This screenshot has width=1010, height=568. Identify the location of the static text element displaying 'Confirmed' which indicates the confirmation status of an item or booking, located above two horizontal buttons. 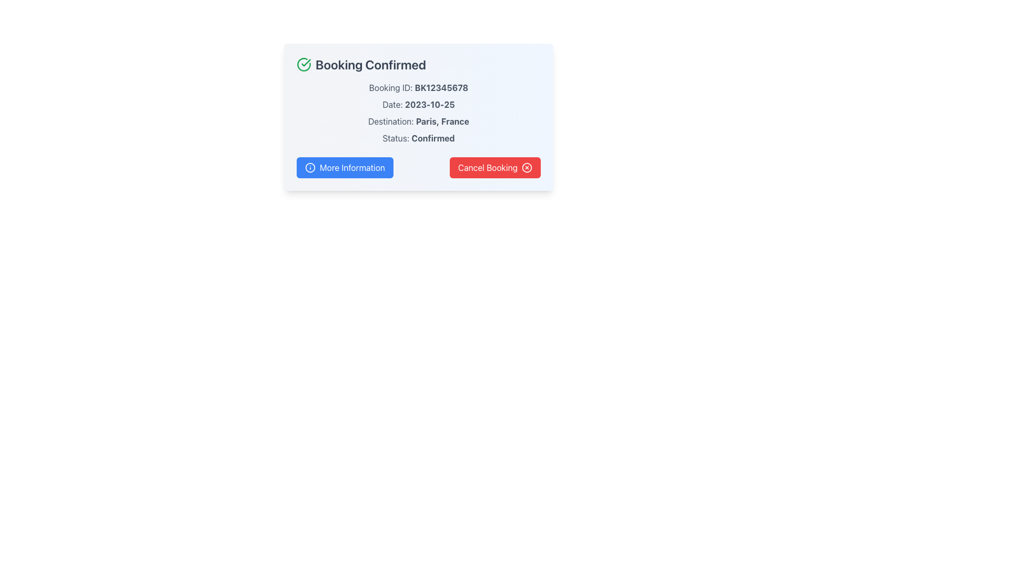
(433, 137).